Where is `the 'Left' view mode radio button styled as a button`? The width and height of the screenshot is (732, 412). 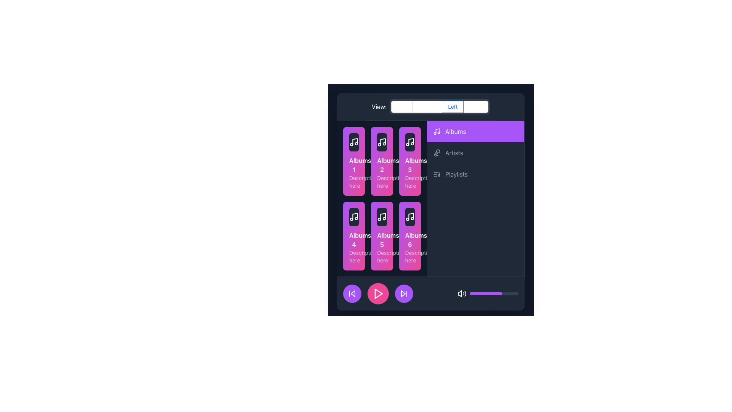 the 'Left' view mode radio button styled as a button is located at coordinates (453, 107).